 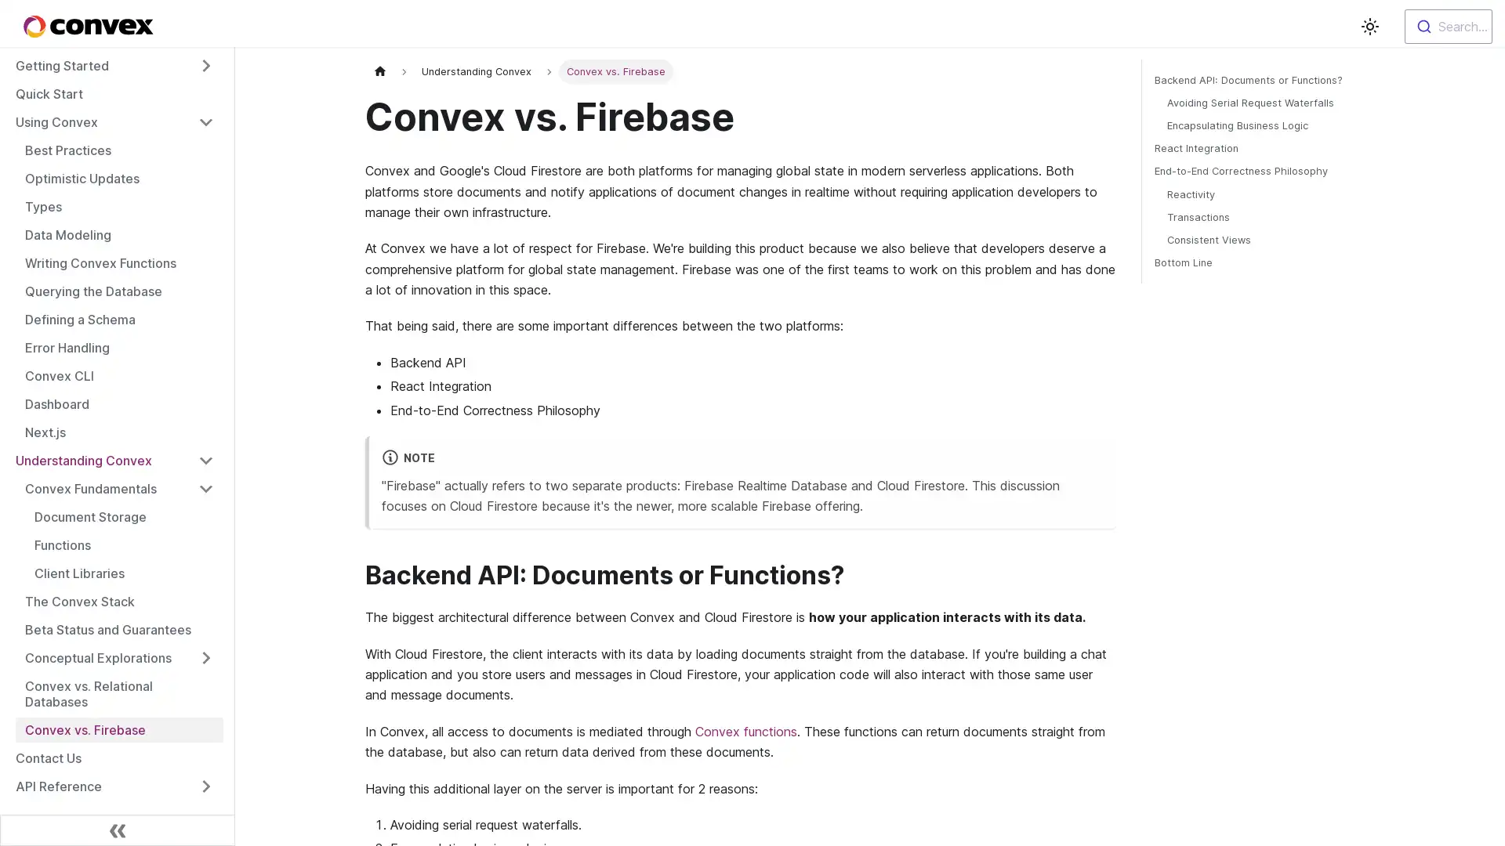 I want to click on Toggle the collapsible sidebar category 'Convex Fundamentals', so click(x=205, y=488).